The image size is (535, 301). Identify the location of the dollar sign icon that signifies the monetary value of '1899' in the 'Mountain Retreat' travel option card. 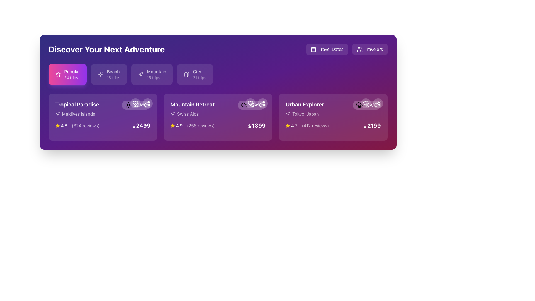
(249, 126).